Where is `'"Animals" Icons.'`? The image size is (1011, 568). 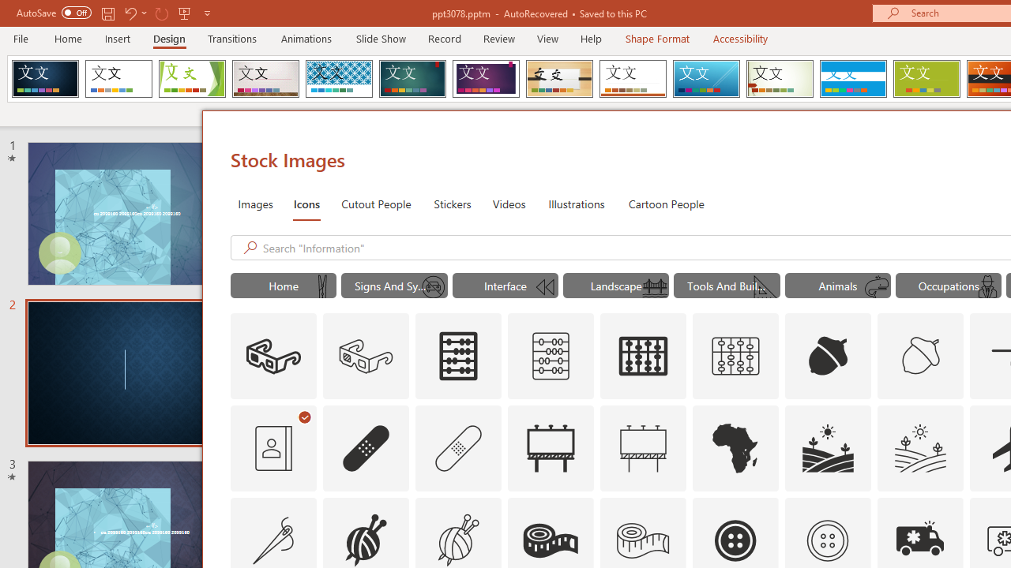
'"Animals" Icons.' is located at coordinates (837, 286).